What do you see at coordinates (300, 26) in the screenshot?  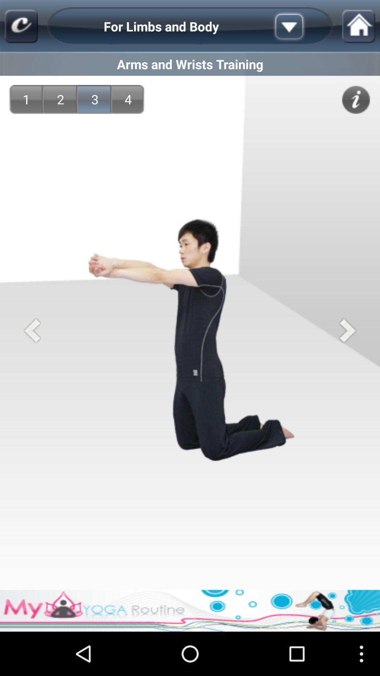 I see `more options` at bounding box center [300, 26].